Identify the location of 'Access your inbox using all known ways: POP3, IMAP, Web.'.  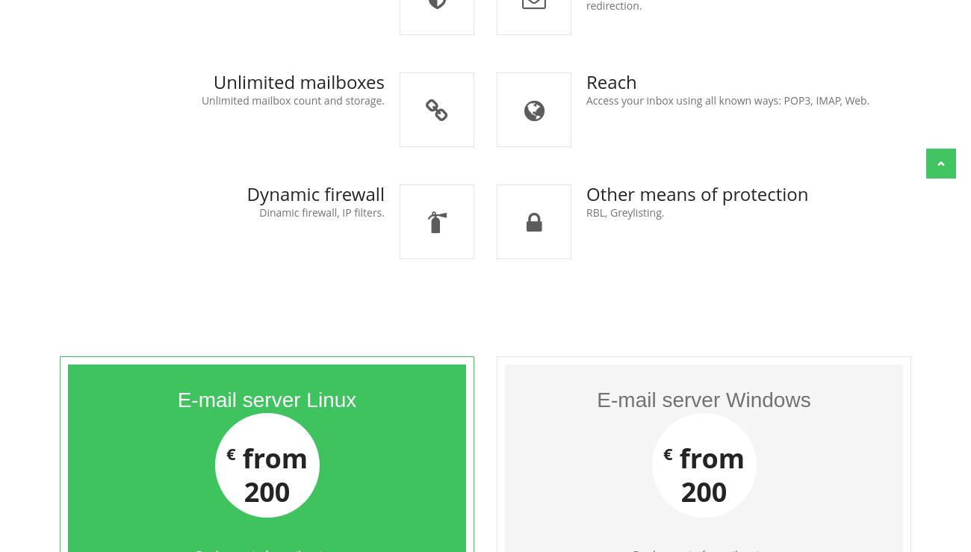
(728, 100).